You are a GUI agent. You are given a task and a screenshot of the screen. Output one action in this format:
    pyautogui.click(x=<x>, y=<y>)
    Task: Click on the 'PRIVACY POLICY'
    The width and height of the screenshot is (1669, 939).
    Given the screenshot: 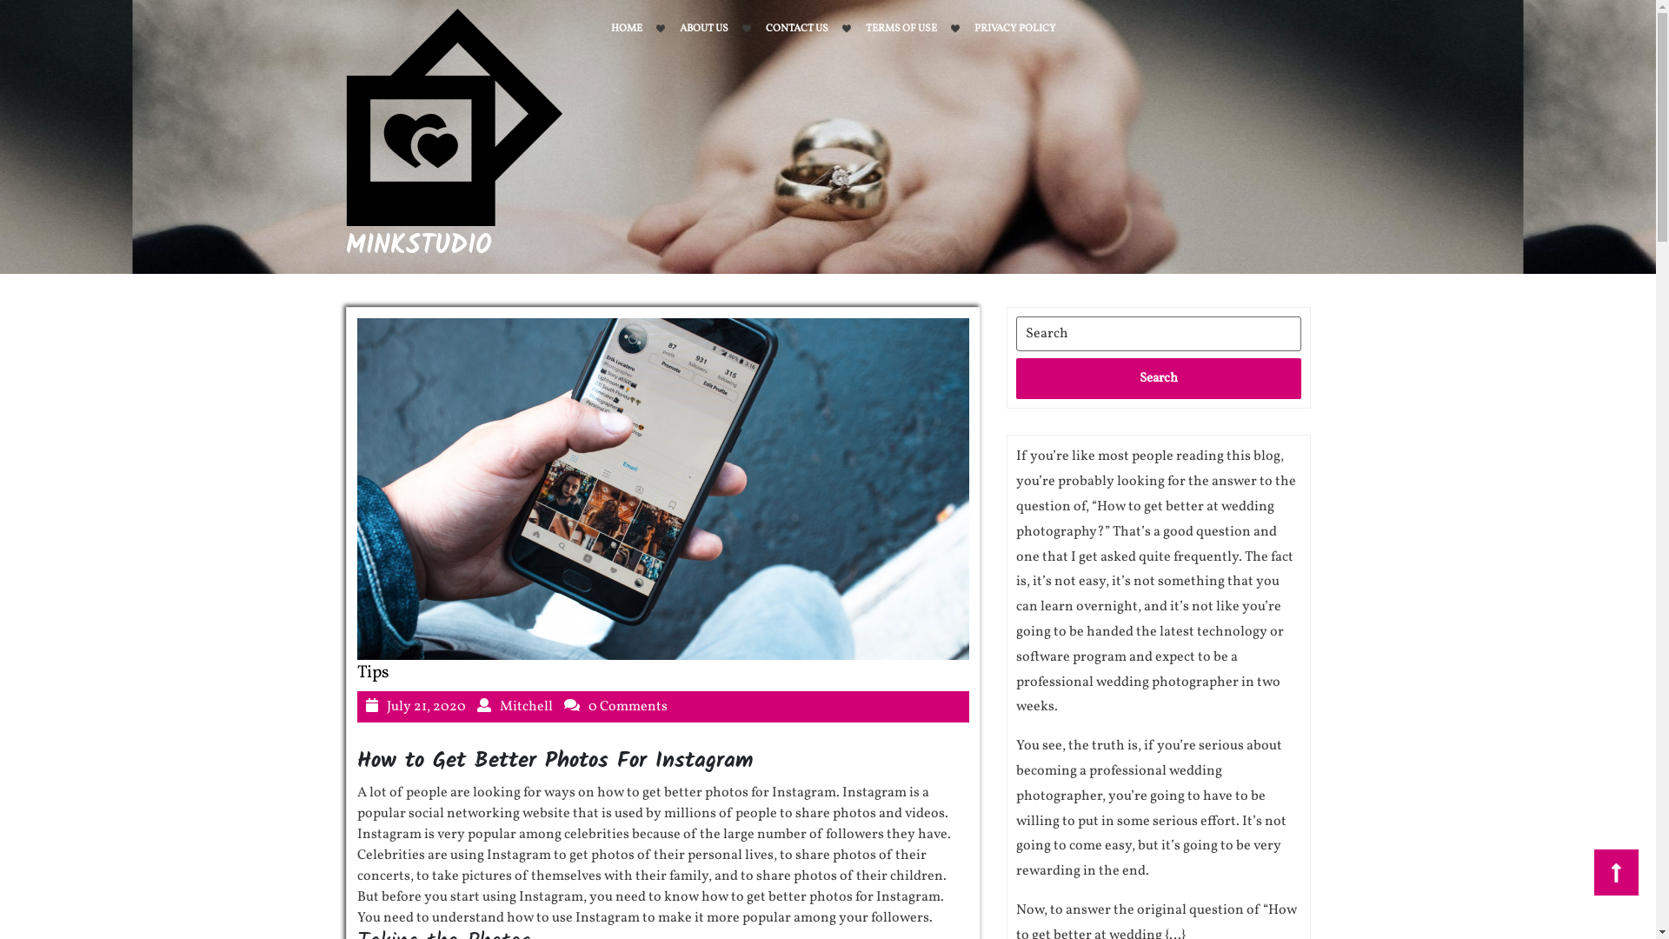 What is the action you would take?
    pyautogui.click(x=1014, y=29)
    